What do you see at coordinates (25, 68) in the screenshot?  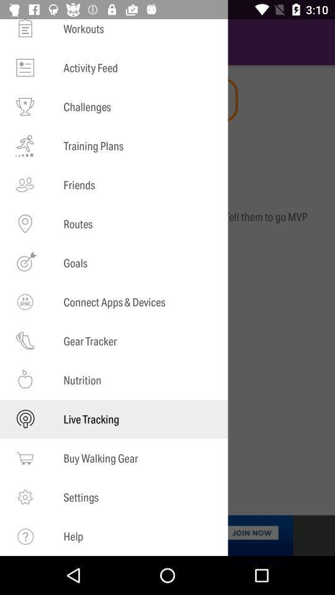 I see `the icon which is left to the text activity feed` at bounding box center [25, 68].